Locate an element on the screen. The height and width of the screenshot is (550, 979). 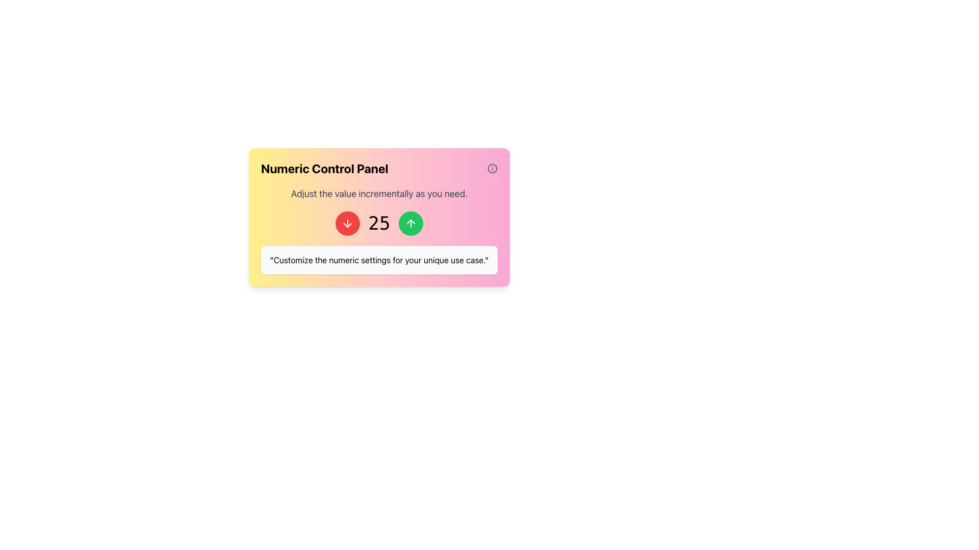
the circular red button with a white downward arrow to decrement the displayed value is located at coordinates (347, 223).